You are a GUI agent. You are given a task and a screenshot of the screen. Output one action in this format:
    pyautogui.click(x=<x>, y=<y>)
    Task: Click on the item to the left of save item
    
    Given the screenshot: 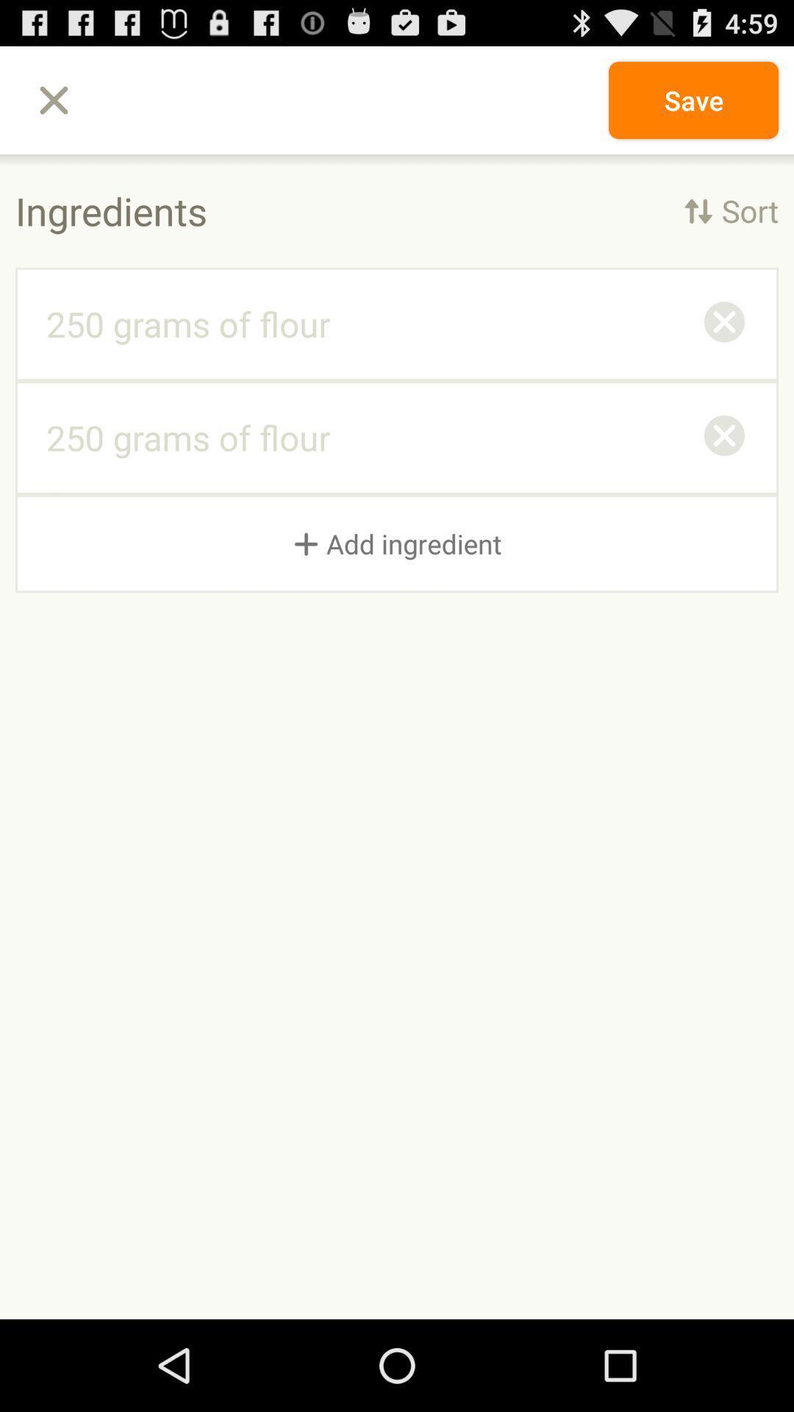 What is the action you would take?
    pyautogui.click(x=53, y=99)
    